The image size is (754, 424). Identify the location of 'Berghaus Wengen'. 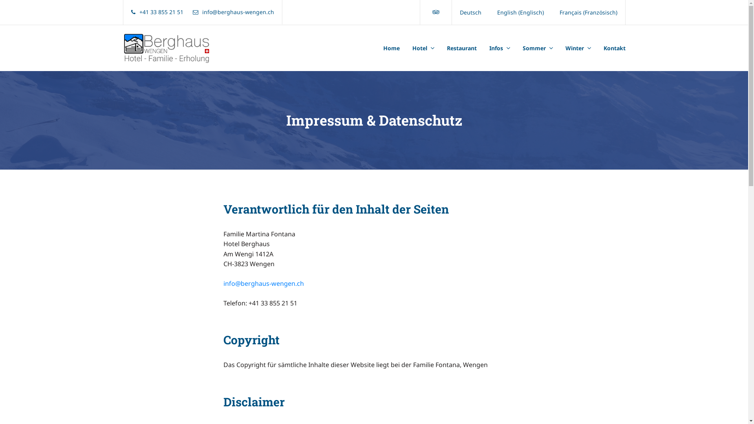
(163, 48).